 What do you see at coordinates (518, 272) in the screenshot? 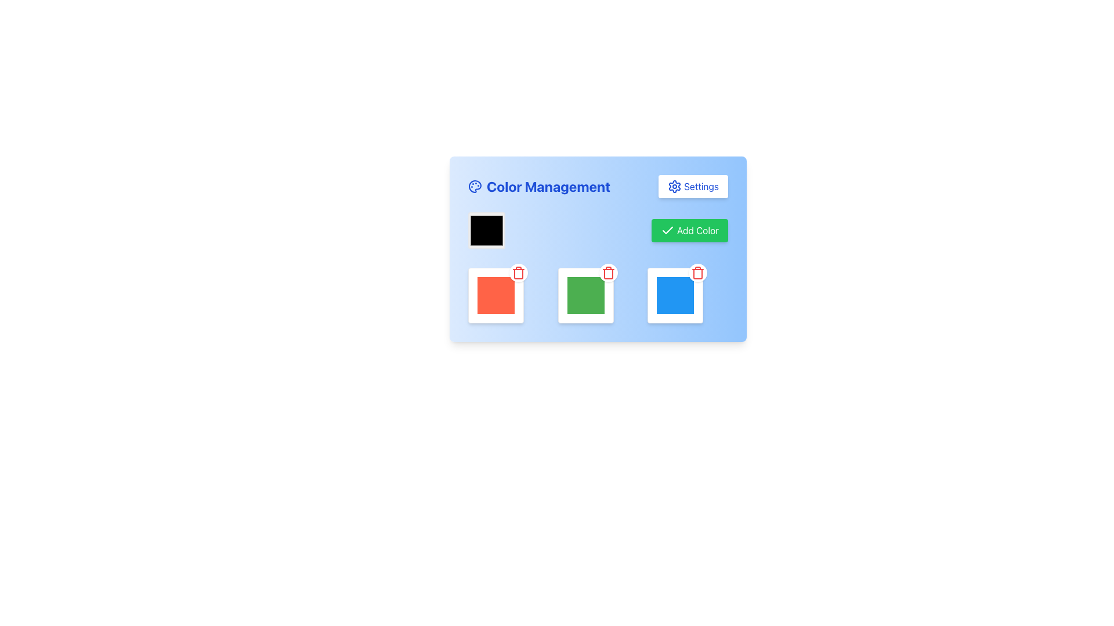
I see `the delete icon button located in the upper-right corner of the red color block` at bounding box center [518, 272].